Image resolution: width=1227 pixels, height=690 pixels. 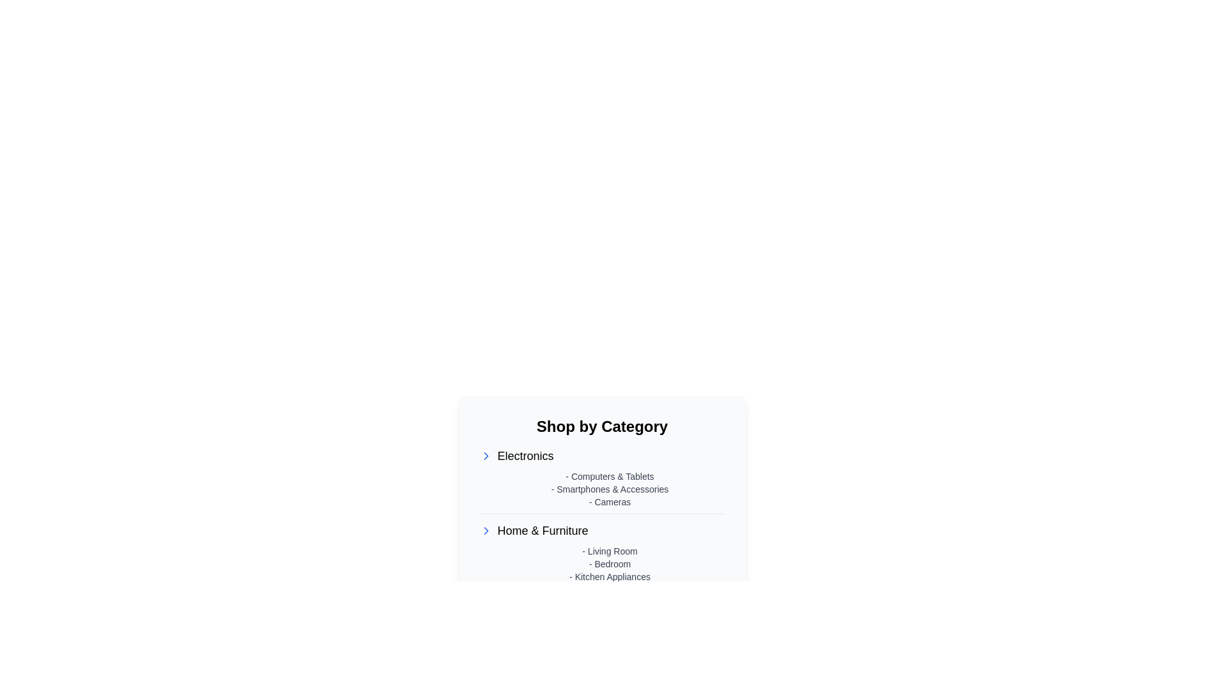 What do you see at coordinates (609, 551) in the screenshot?
I see `the text label styled in small, gray font reading '- Living Room', which is the first item in the 'Home & Furniture' category under the 'Electronics' category` at bounding box center [609, 551].